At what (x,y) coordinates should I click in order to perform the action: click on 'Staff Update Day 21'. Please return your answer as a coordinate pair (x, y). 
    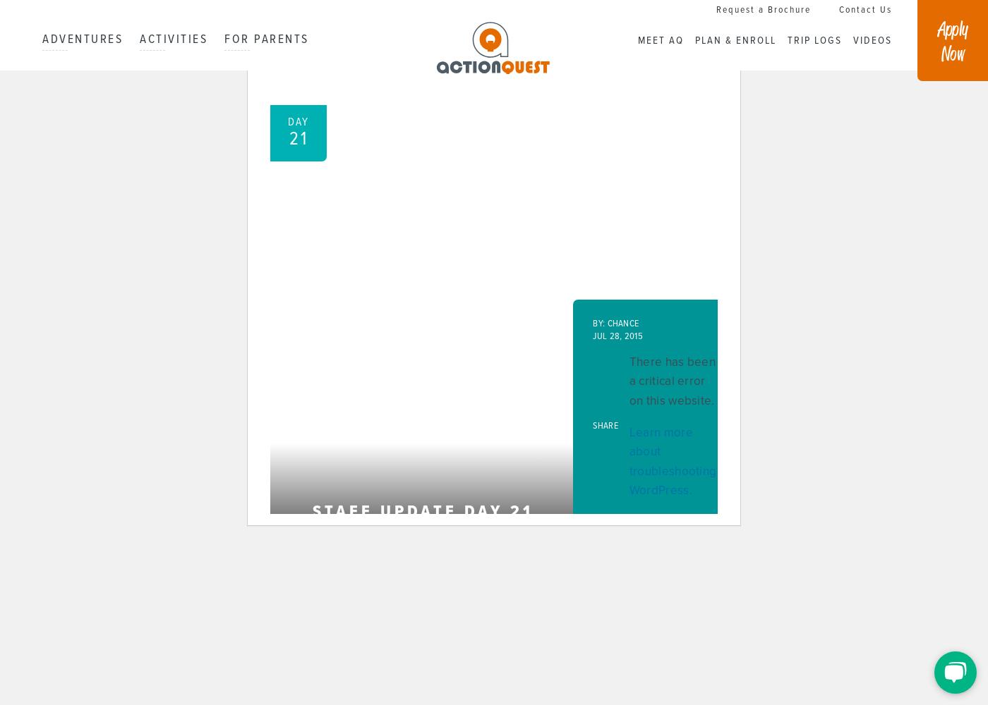
    Looking at the image, I should click on (423, 511).